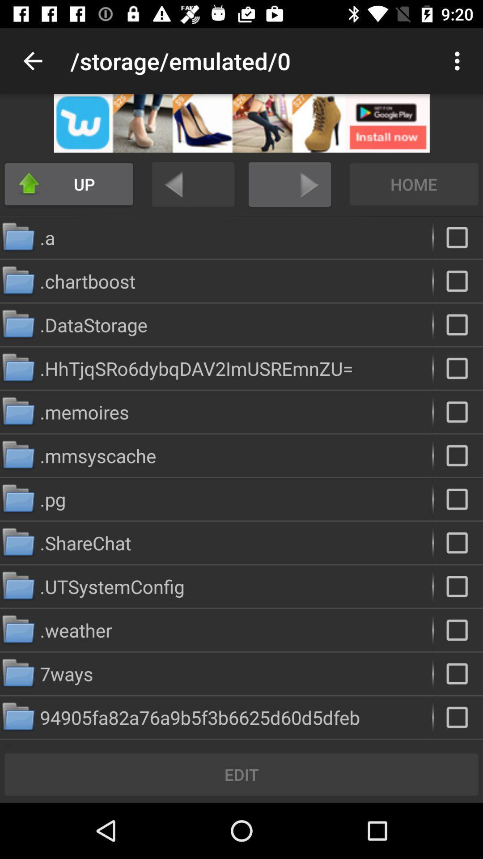 This screenshot has width=483, height=859. What do you see at coordinates (241, 123) in the screenshot?
I see `click advertisement` at bounding box center [241, 123].